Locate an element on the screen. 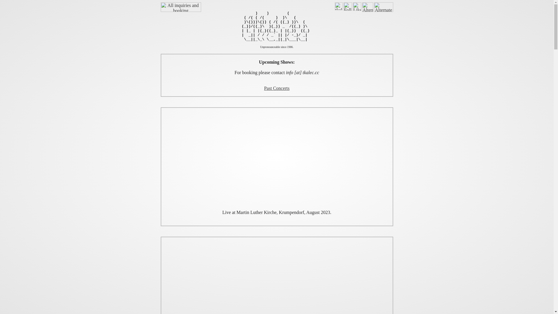 The height and width of the screenshot is (314, 558). 'Stream on Spotify' is located at coordinates (339, 6).